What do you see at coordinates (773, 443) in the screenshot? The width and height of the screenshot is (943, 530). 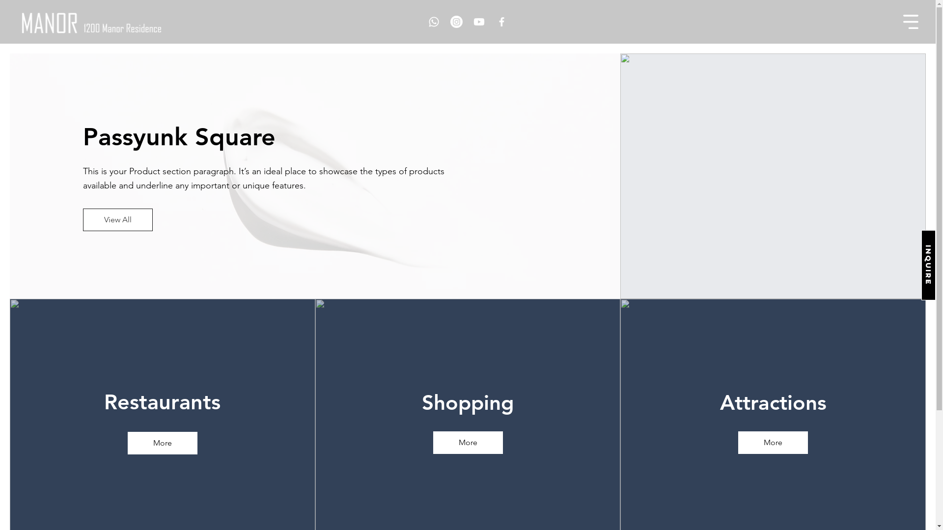 I see `'More'` at bounding box center [773, 443].